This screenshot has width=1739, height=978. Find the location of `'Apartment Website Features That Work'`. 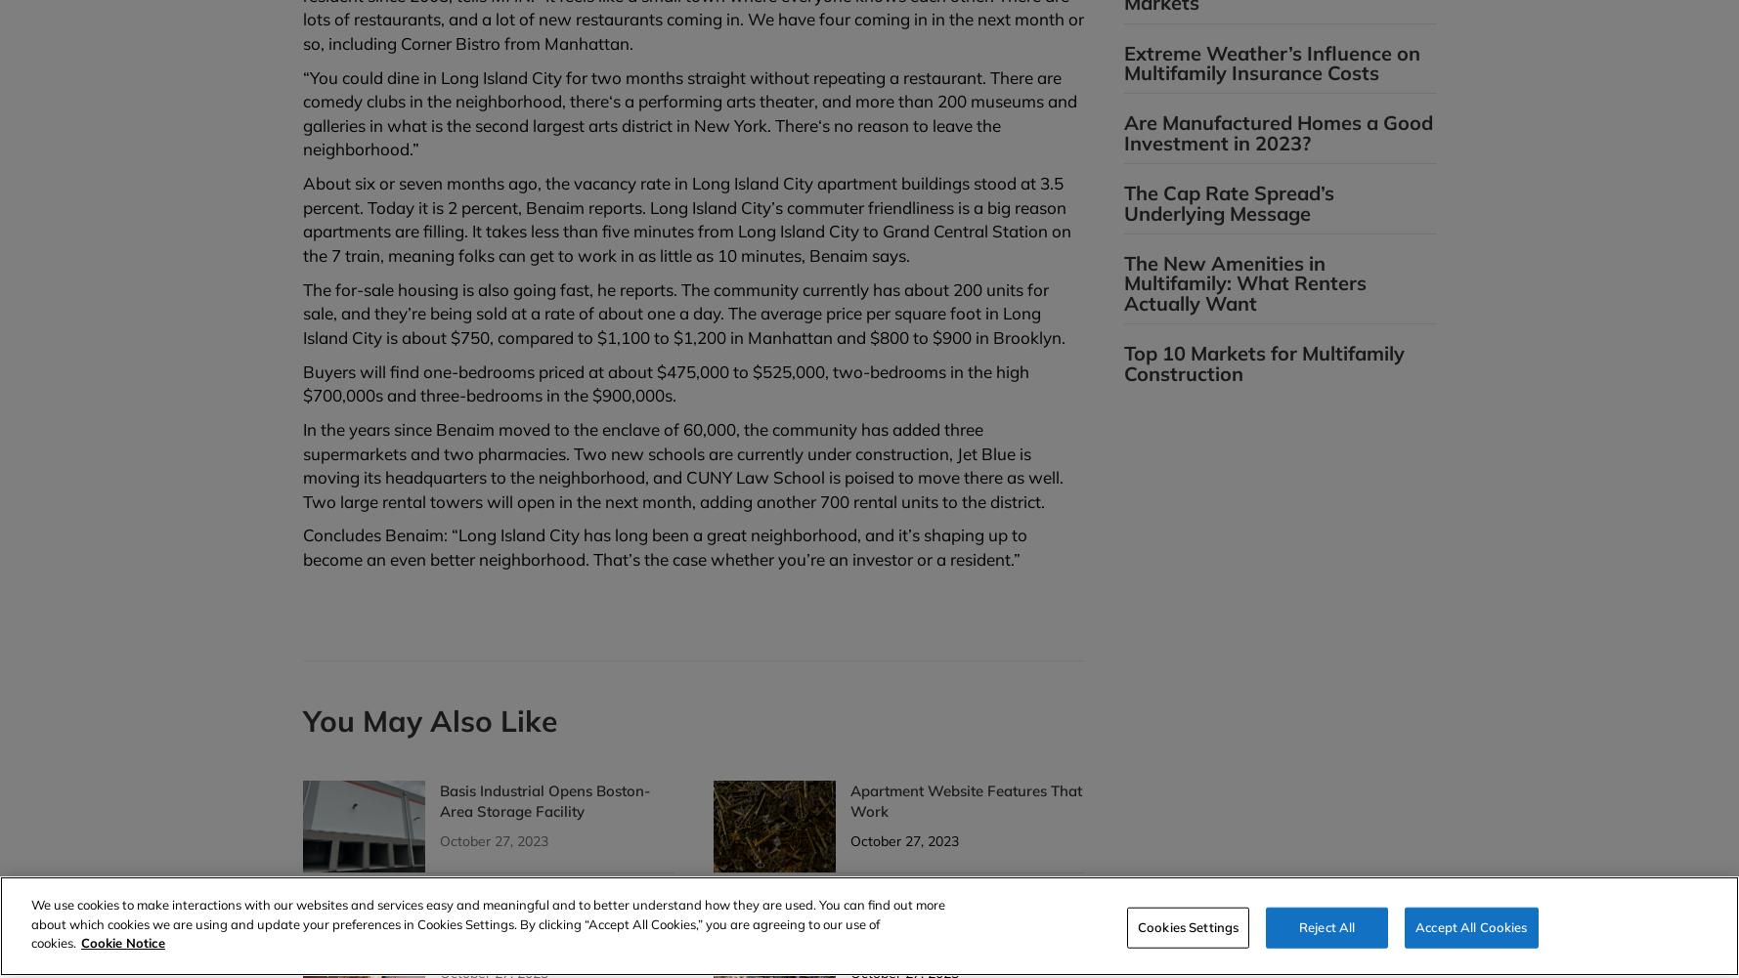

'Apartment Website Features That Work' is located at coordinates (849, 799).